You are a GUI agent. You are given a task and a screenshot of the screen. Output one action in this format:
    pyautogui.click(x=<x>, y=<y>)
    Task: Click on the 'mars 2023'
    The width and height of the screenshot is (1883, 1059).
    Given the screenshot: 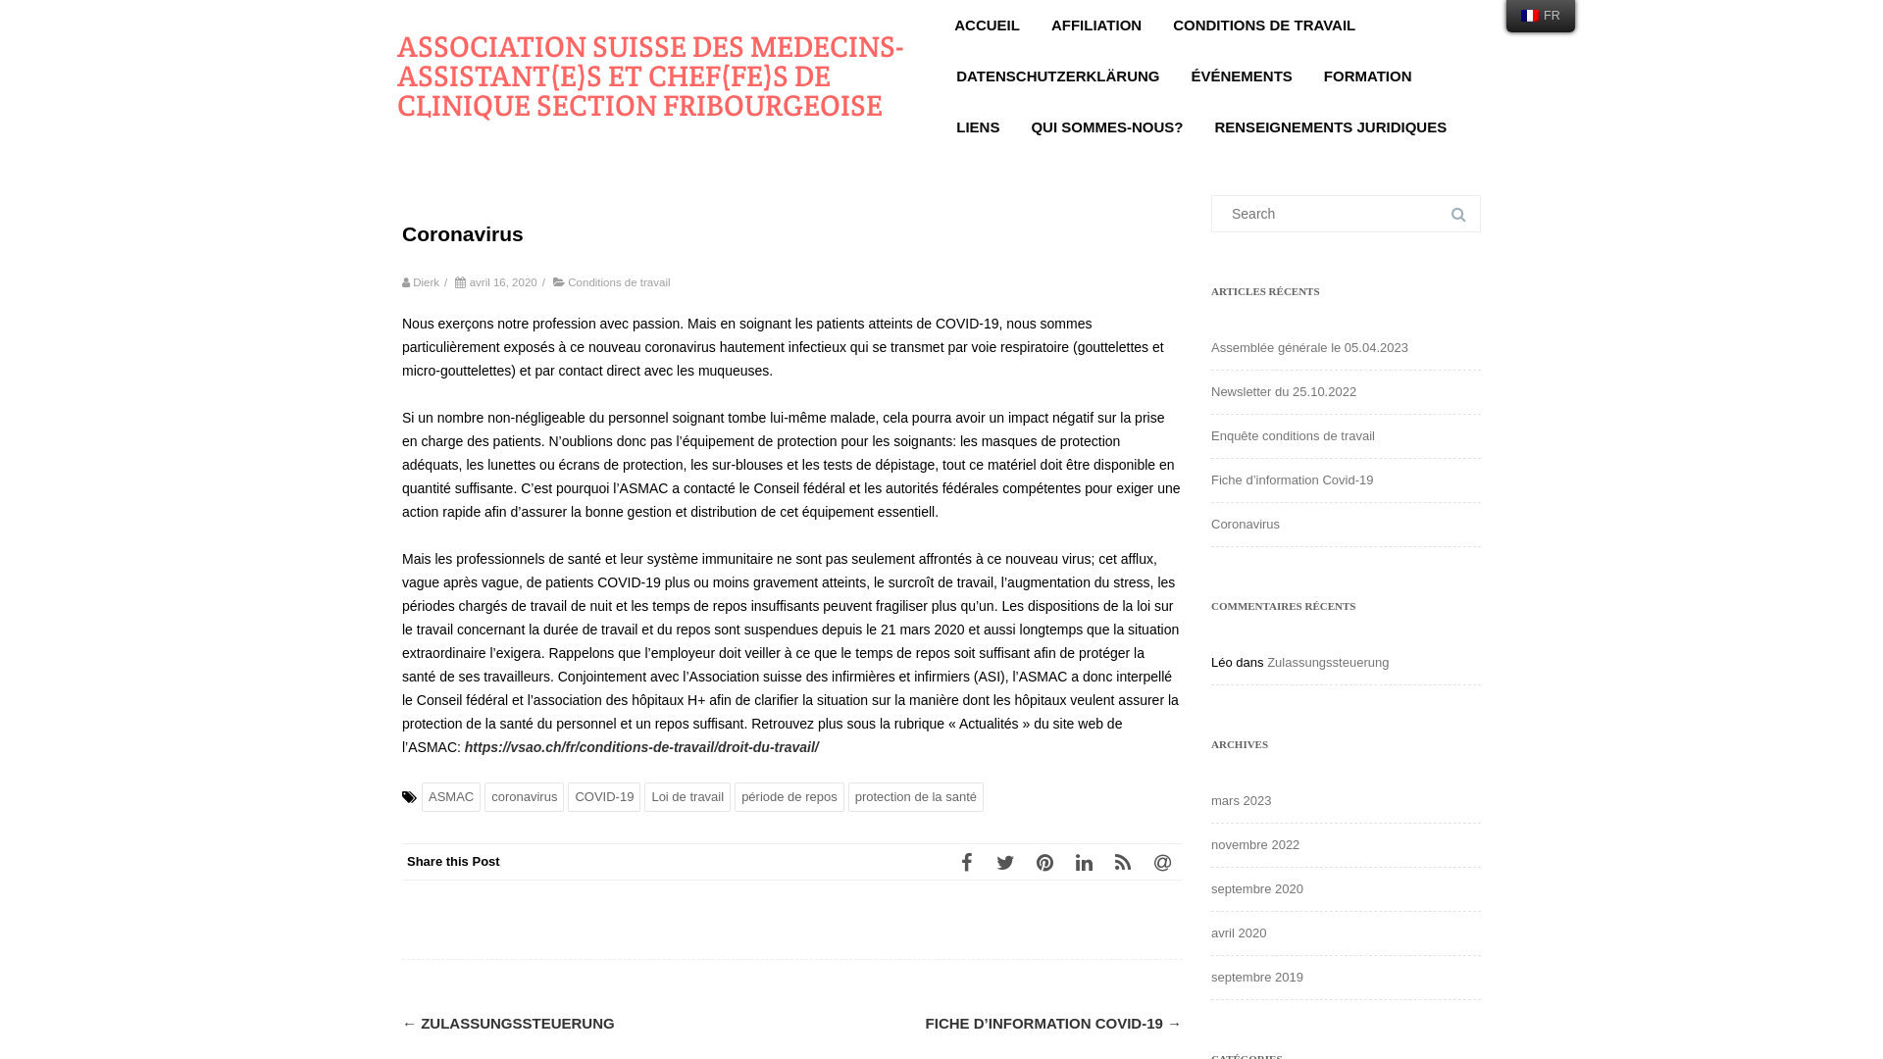 What is the action you would take?
    pyautogui.click(x=1209, y=800)
    